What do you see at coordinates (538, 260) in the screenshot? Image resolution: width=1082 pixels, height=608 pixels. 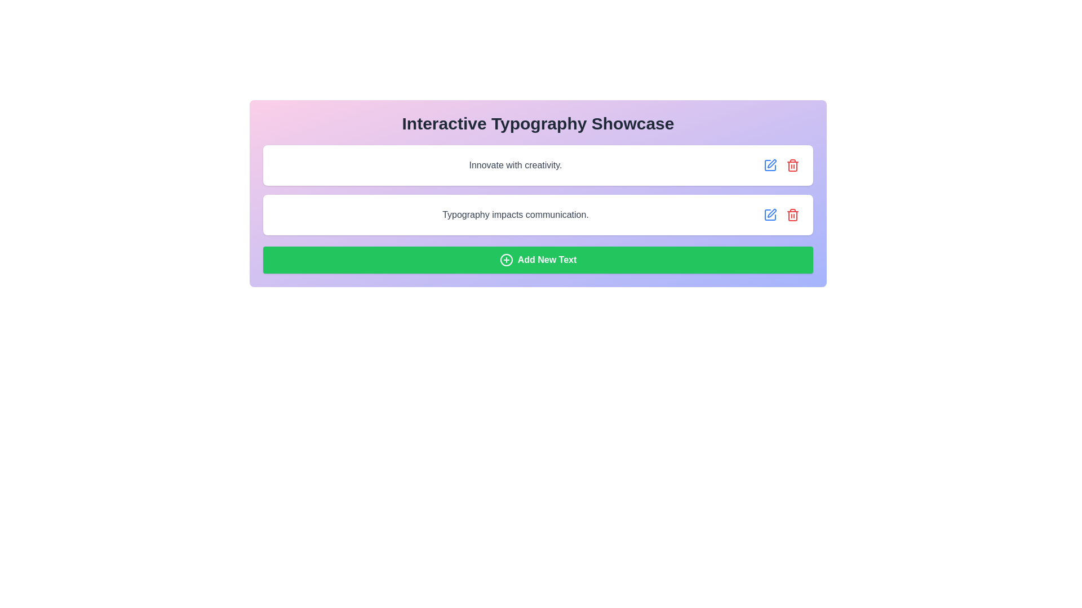 I see `the green rectangular button with rounded corners and bold white text reading 'Add New Text'` at bounding box center [538, 260].